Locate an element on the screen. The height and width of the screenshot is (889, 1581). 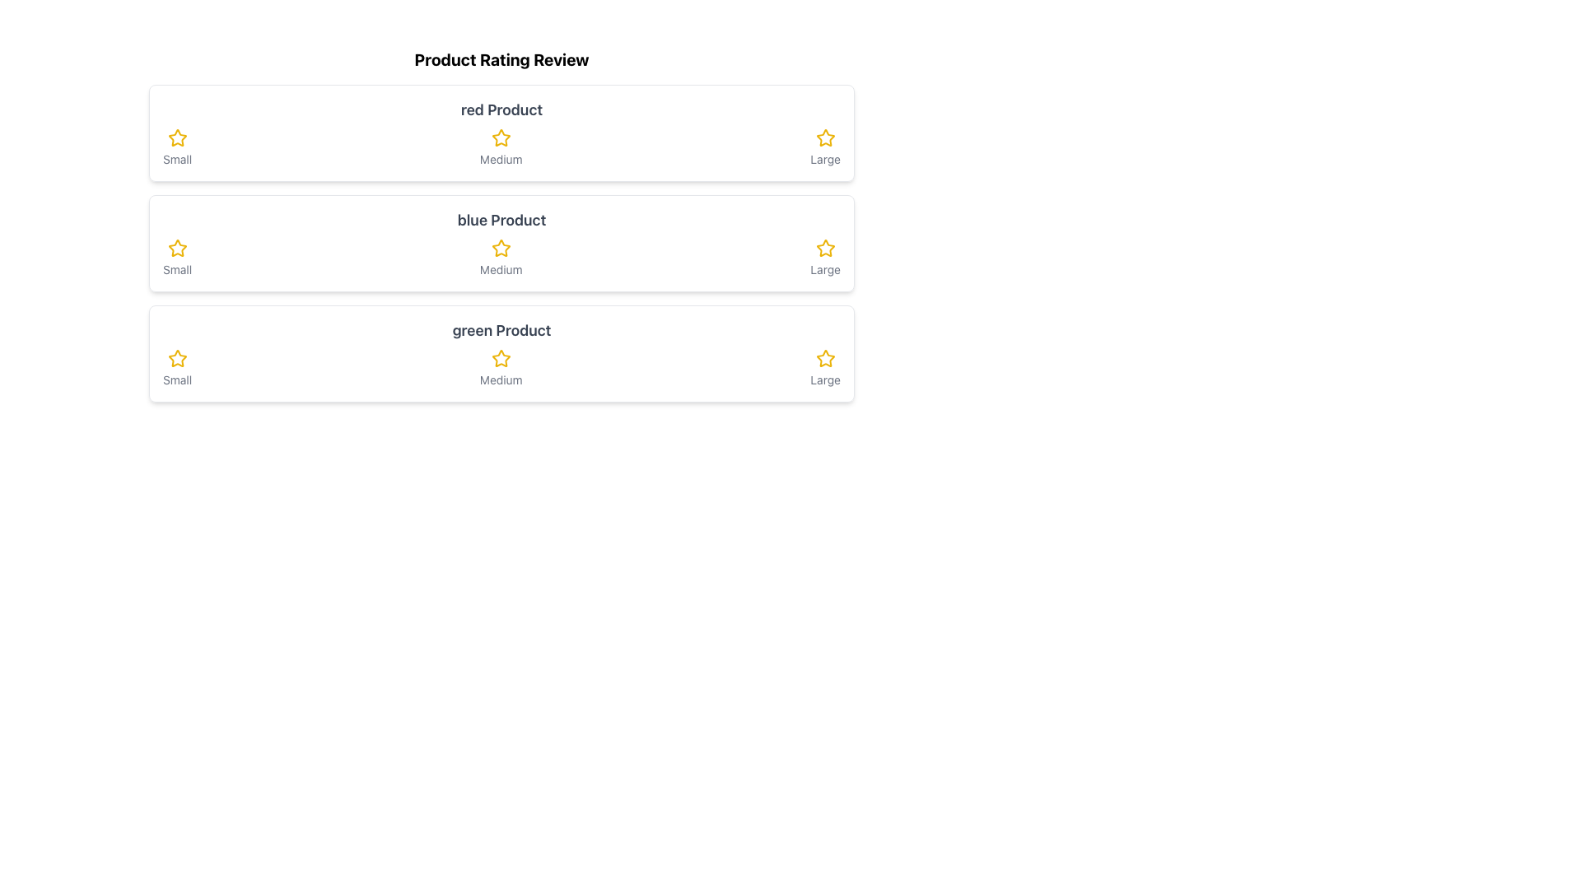
text of the heading element that serves as the title for the product ratings and reviews section, positioned at the top of the layout and centered horizontally is located at coordinates (501, 59).